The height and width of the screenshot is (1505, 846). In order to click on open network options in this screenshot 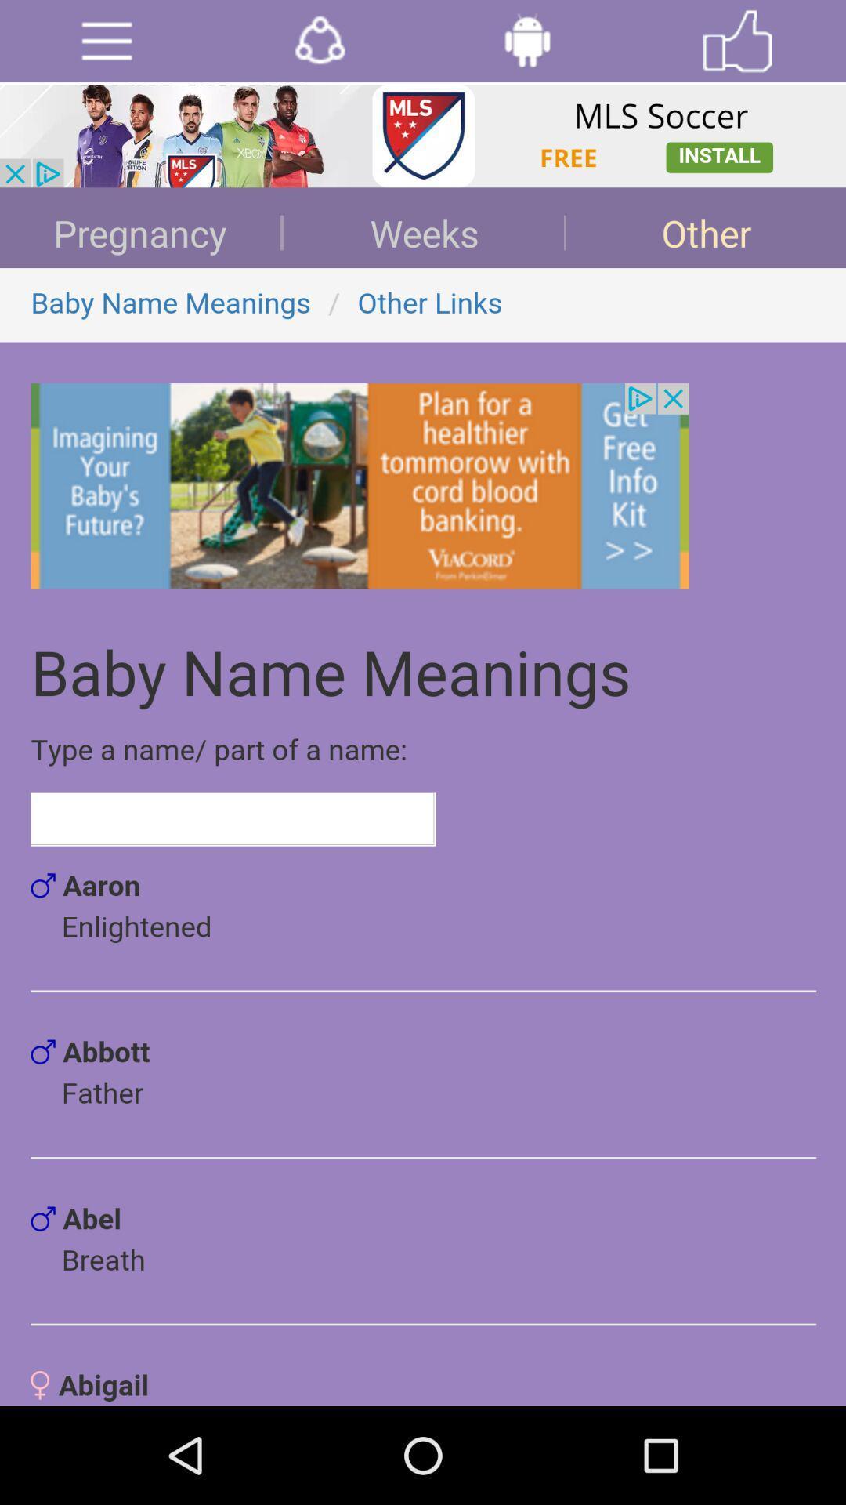, I will do `click(319, 41)`.